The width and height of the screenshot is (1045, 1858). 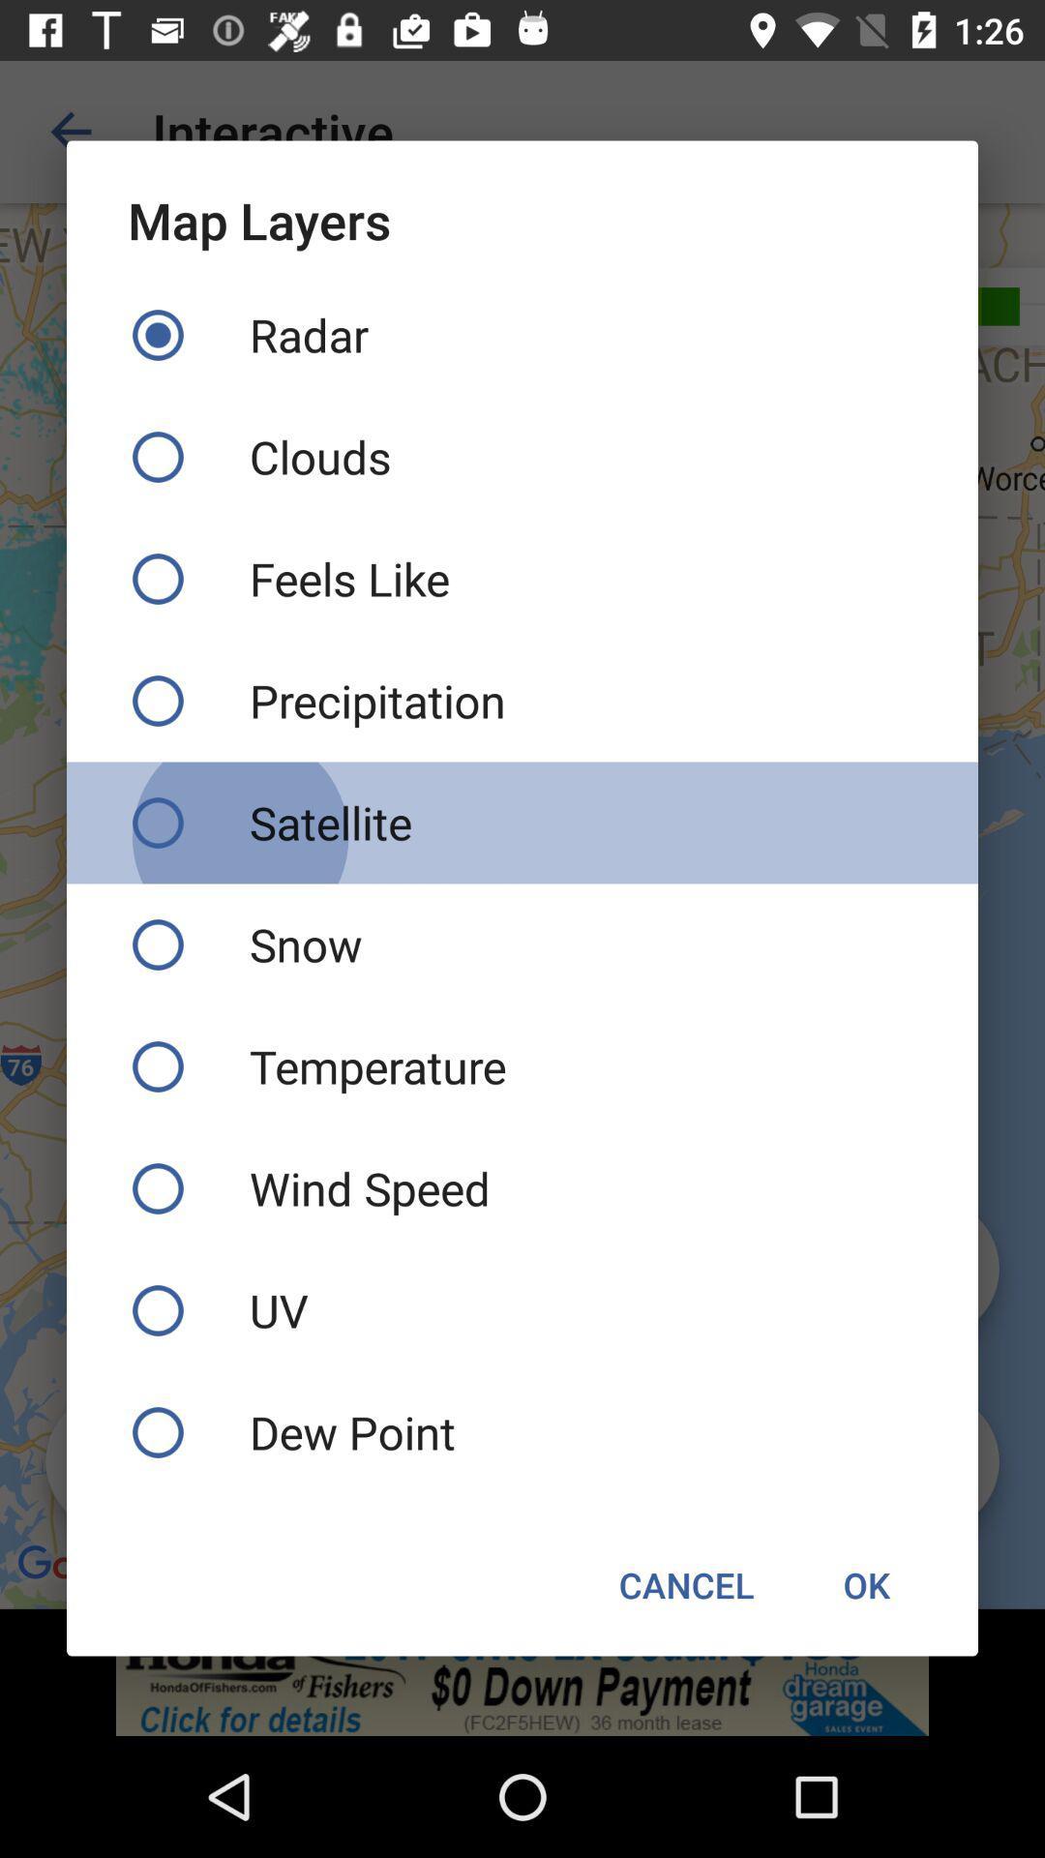 What do you see at coordinates (685, 1584) in the screenshot?
I see `item to the left of ok icon` at bounding box center [685, 1584].